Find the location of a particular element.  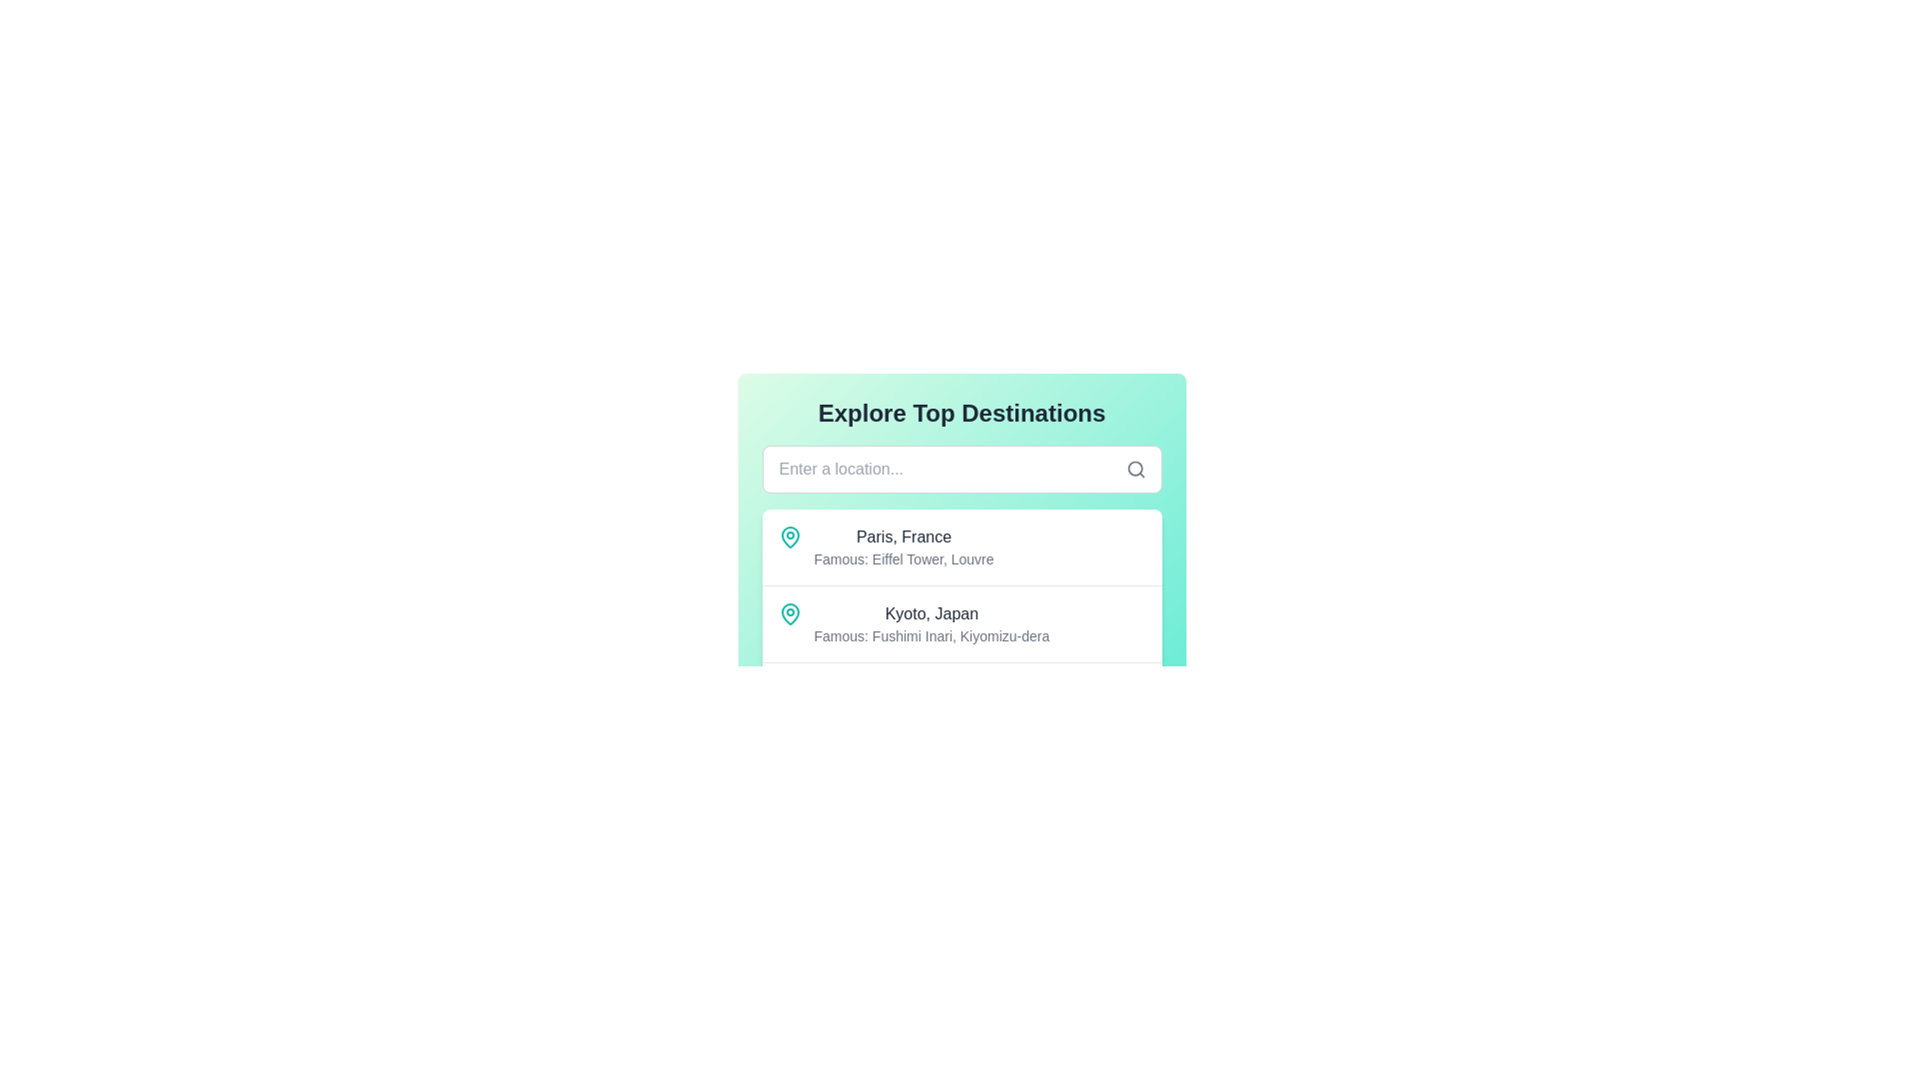

the geographic location icon representing 'Paris, France', which is positioned on the left side of the text listing 'Paris, France' and 'Famous: Eiffel Tower, Louvre' is located at coordinates (789, 536).